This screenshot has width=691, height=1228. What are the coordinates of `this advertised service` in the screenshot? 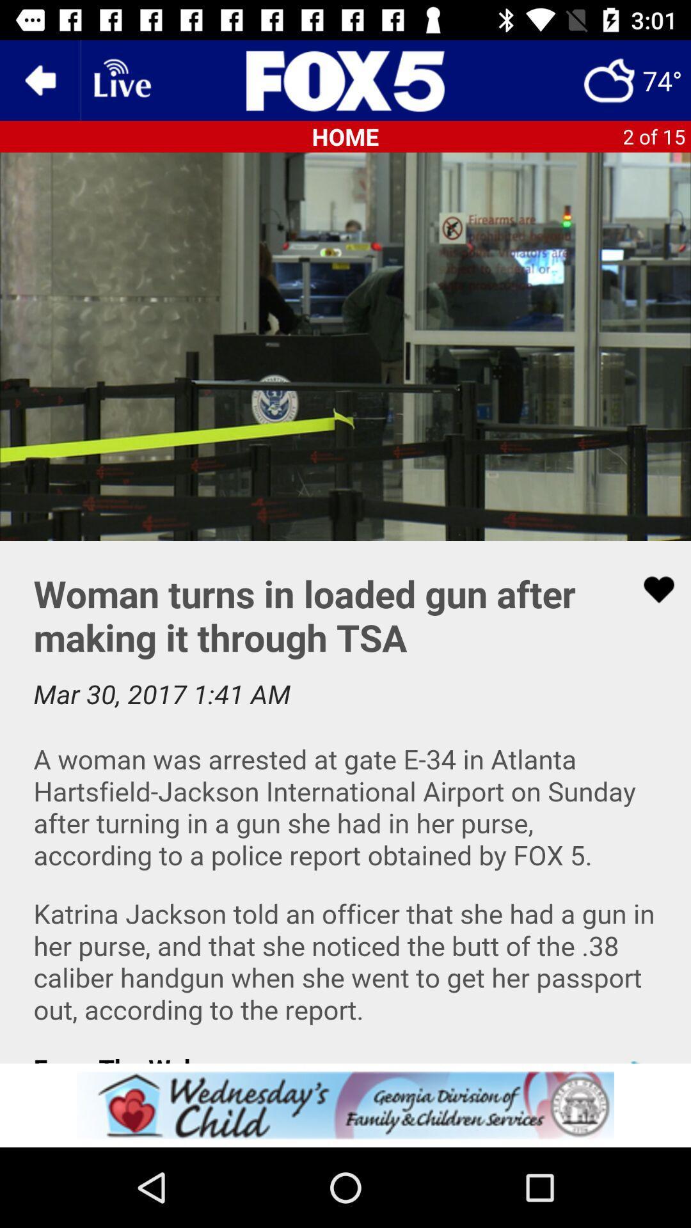 It's located at (345, 1105).